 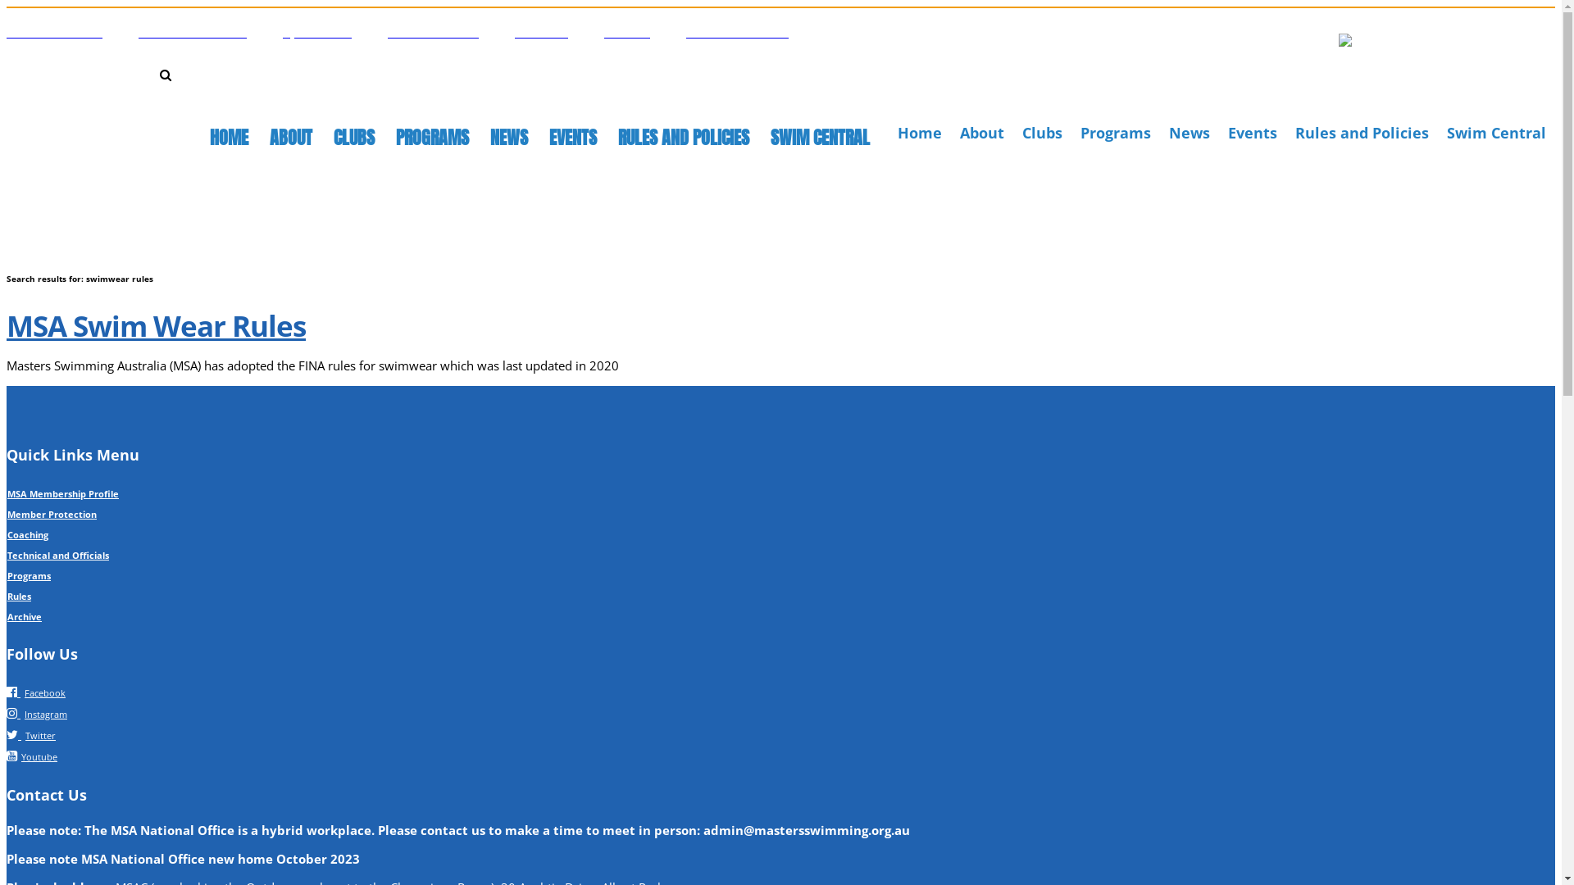 What do you see at coordinates (180, 102) in the screenshot?
I see `'swimwear rules'` at bounding box center [180, 102].